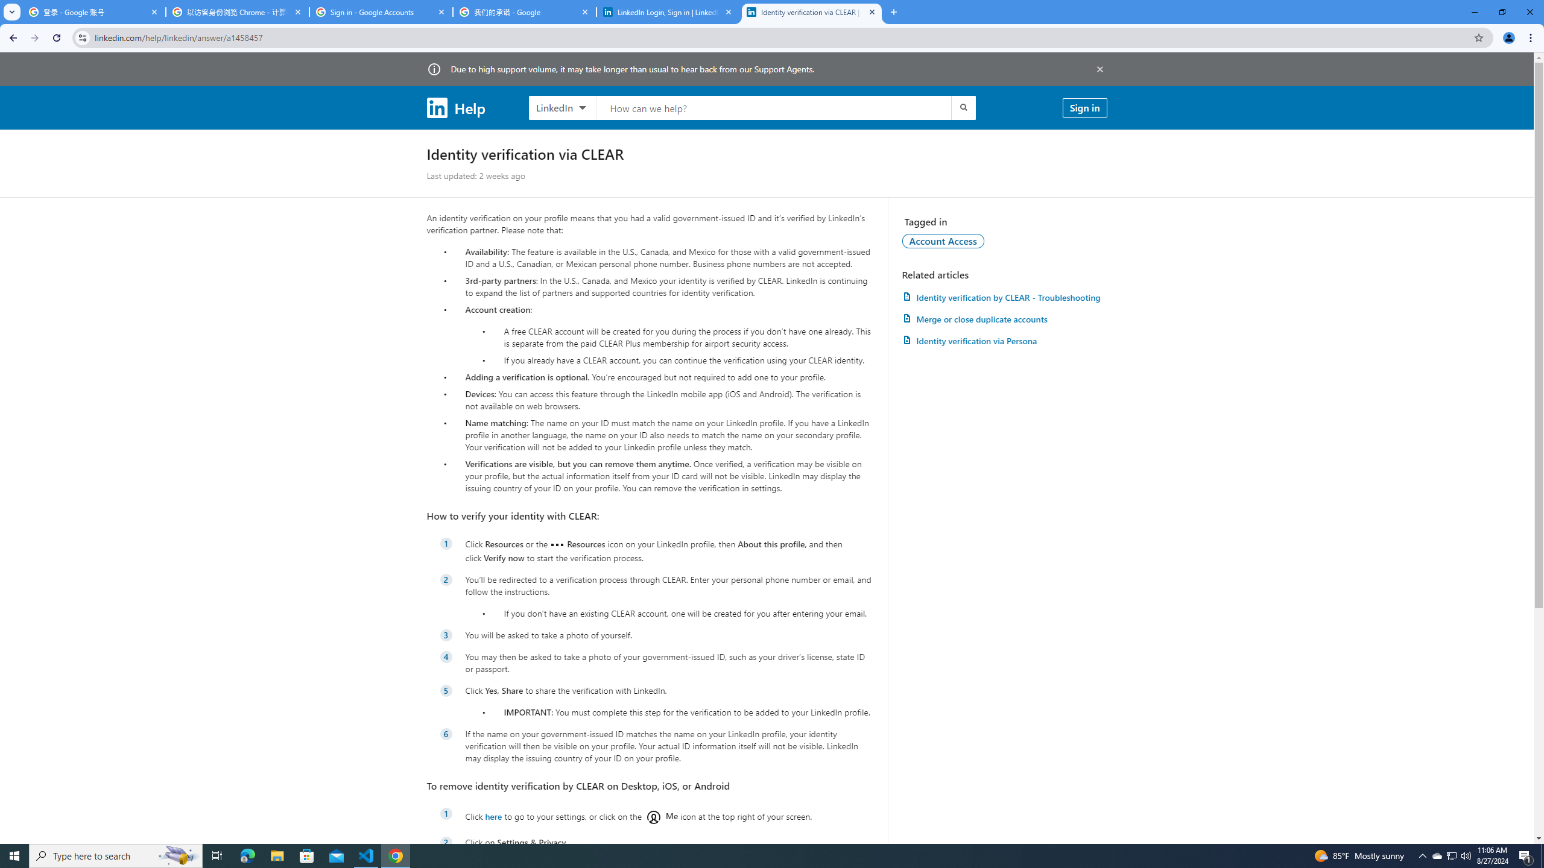 This screenshot has height=868, width=1544. What do you see at coordinates (492, 815) in the screenshot?
I see `'here'` at bounding box center [492, 815].